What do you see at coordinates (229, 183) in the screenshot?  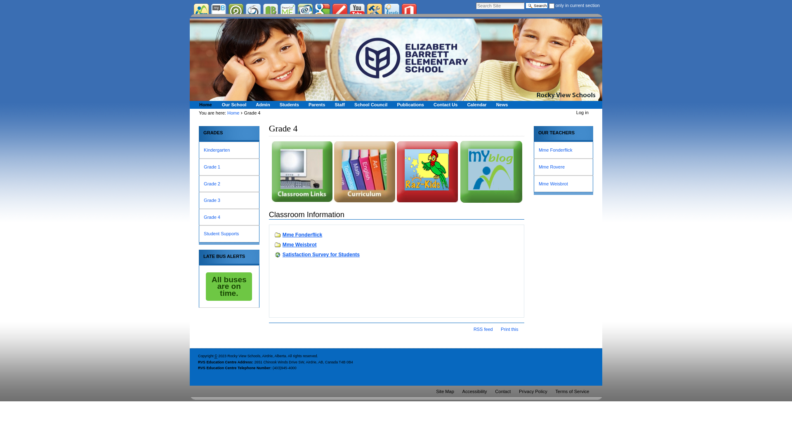 I see `'Grade 2'` at bounding box center [229, 183].